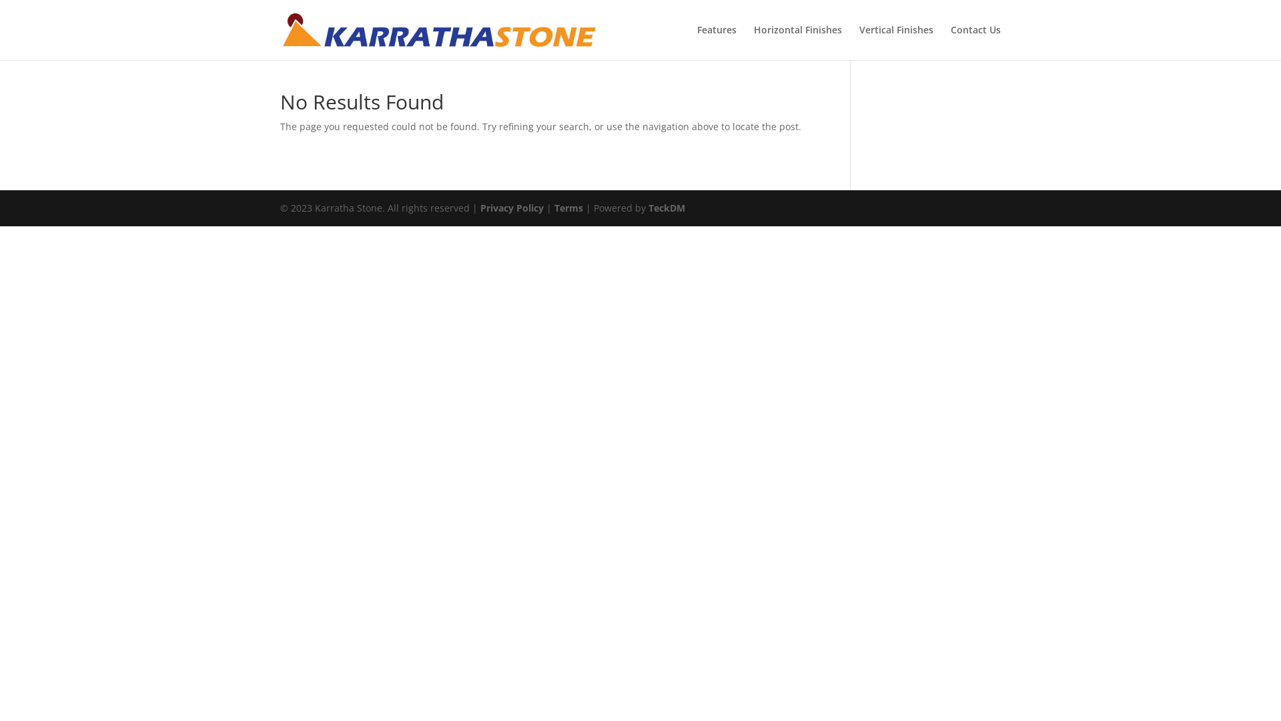 Image resolution: width=1281 pixels, height=721 pixels. Describe the element at coordinates (511, 208) in the screenshot. I see `'Privacy Policy'` at that location.